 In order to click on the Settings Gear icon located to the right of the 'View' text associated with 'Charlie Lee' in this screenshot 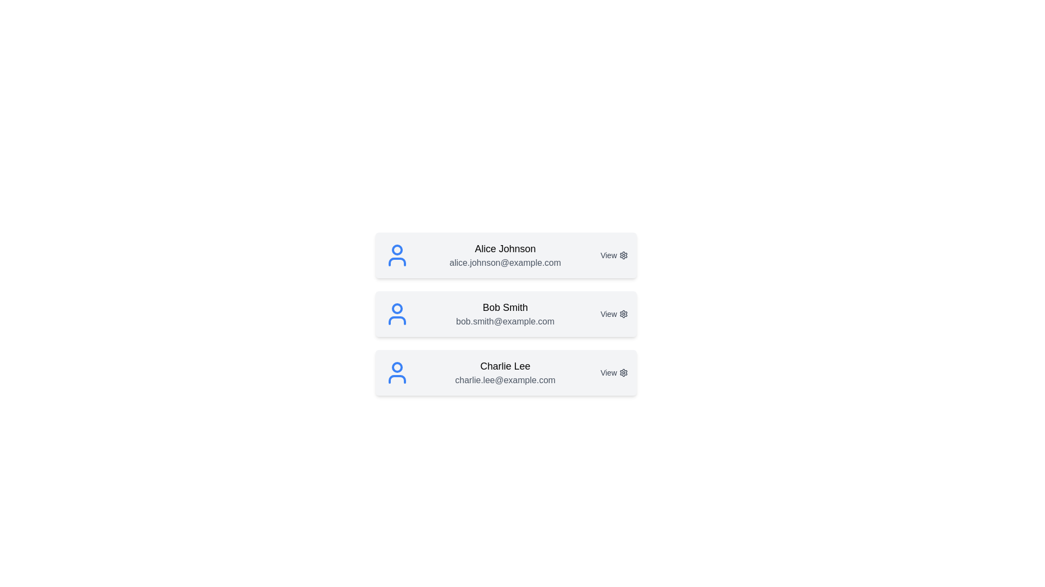, I will do `click(623, 372)`.